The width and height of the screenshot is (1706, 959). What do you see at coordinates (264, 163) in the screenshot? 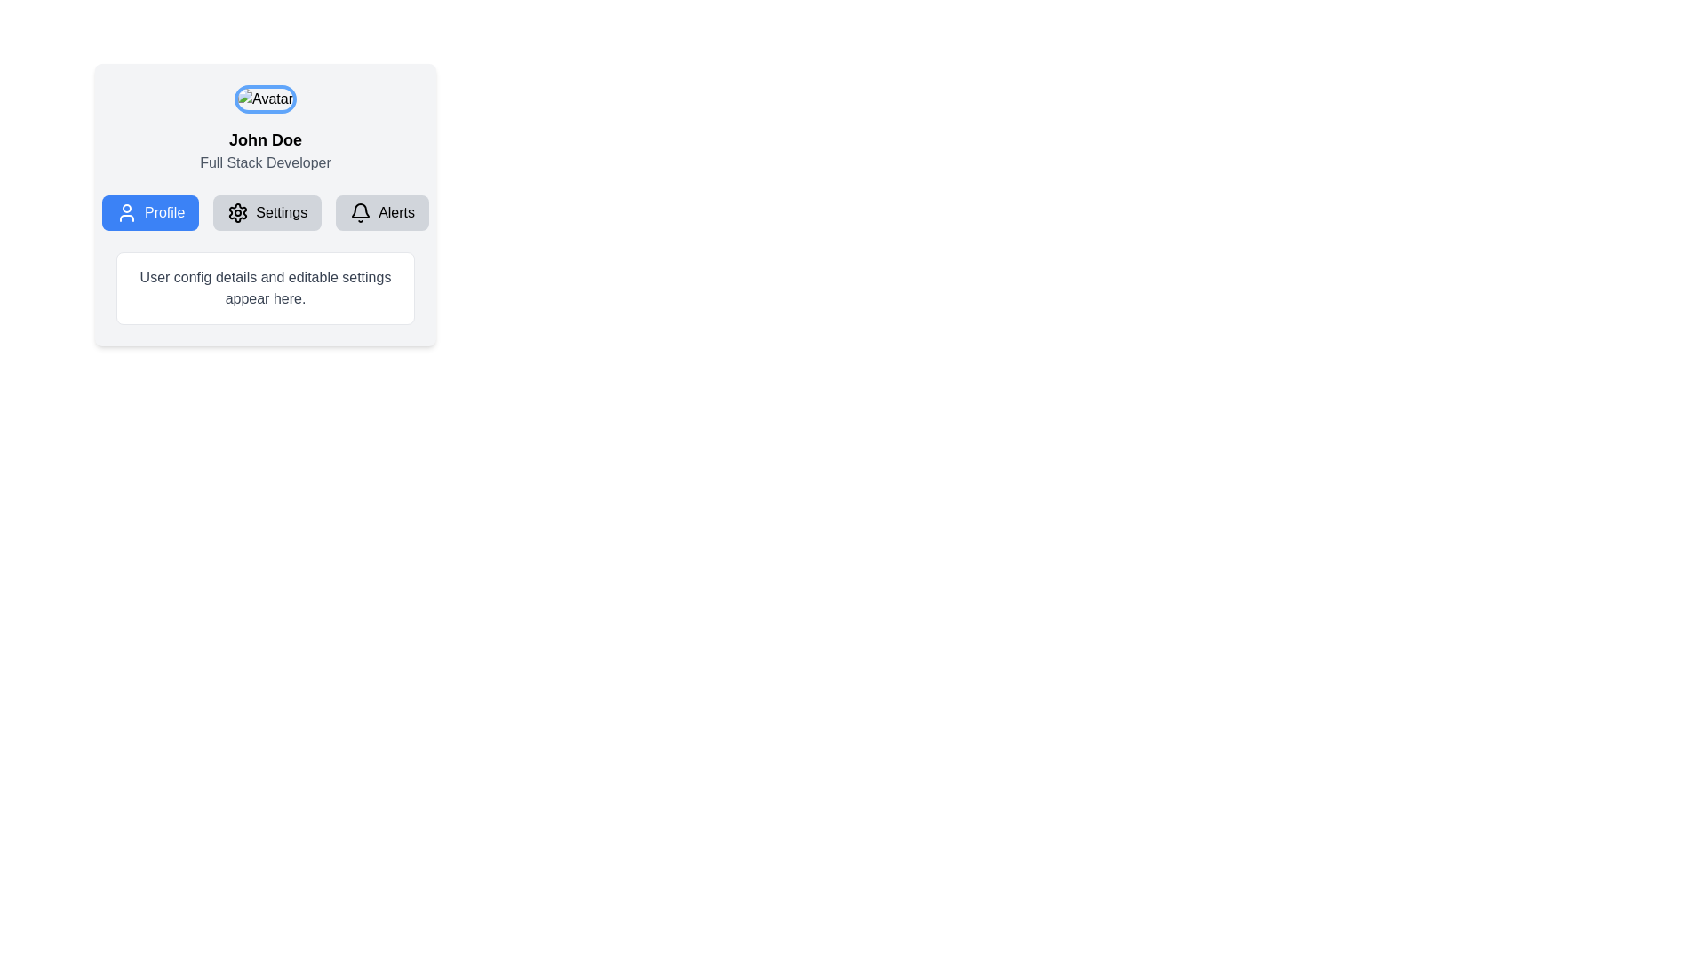
I see `the text label displaying 'Full Stack Developer', which is centered below the name 'John Doe' in the user profile card` at bounding box center [264, 163].